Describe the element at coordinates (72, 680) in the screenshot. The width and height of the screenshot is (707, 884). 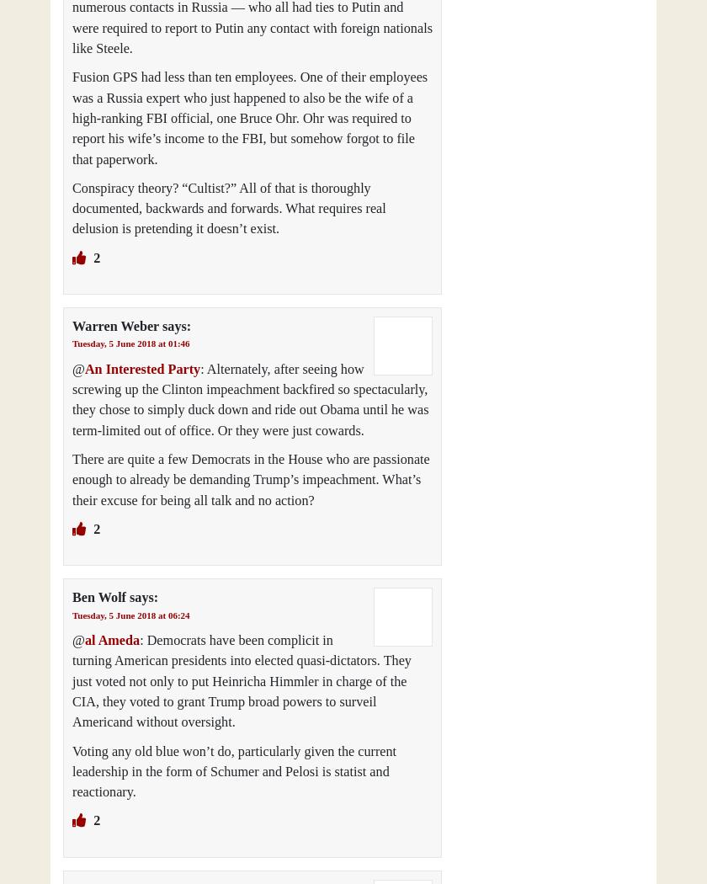
I see `': Democrats have been complicit in turning American presidents into elected quasi-dictators.  They just voted not only to put Heinricha Himmler in charge of the CIA, they voted to grant Trump broad powers to surveil Americand without oversight.'` at that location.